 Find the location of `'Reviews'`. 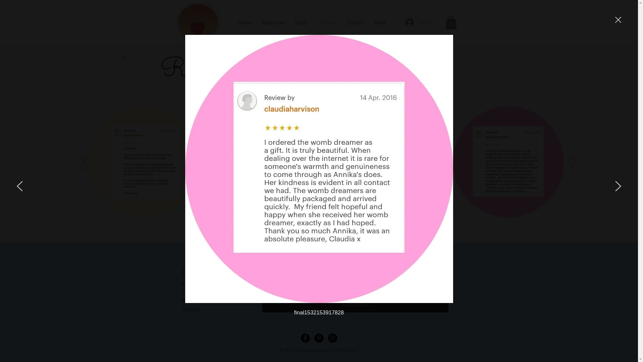

'Reviews' is located at coordinates (191, 301).